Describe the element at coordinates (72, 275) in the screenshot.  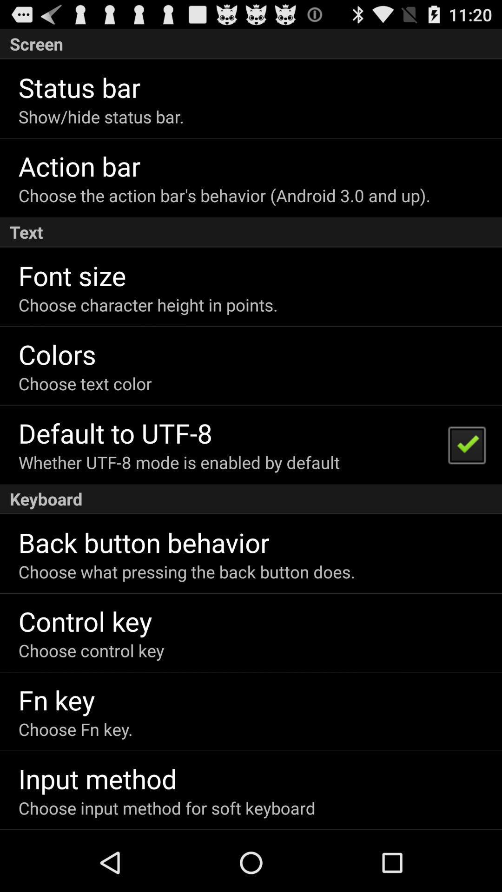
I see `the app above the choose character height app` at that location.